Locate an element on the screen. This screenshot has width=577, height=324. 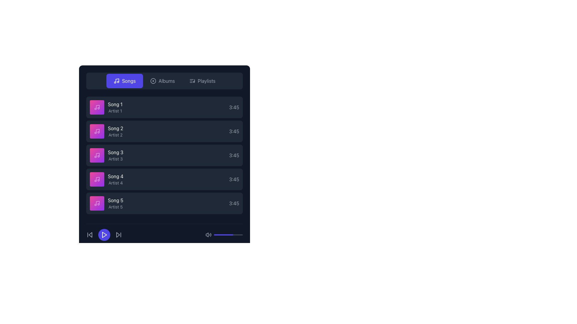
the volume slider is located at coordinates (225, 235).